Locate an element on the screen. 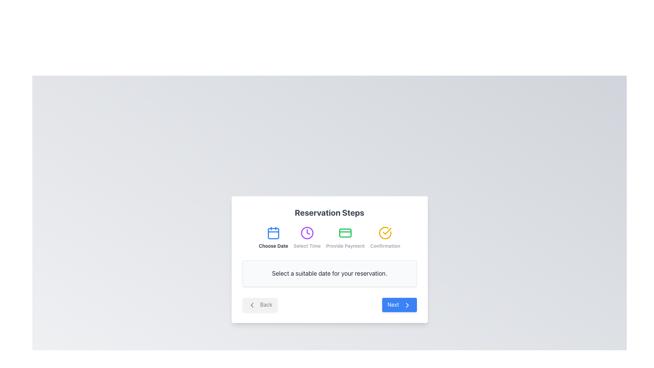 The width and height of the screenshot is (654, 368). the purple clock icon in the step navigation UI labeled 'Select Time', which is the second icon in a row of four under 'Reservation Steps' is located at coordinates (307, 233).